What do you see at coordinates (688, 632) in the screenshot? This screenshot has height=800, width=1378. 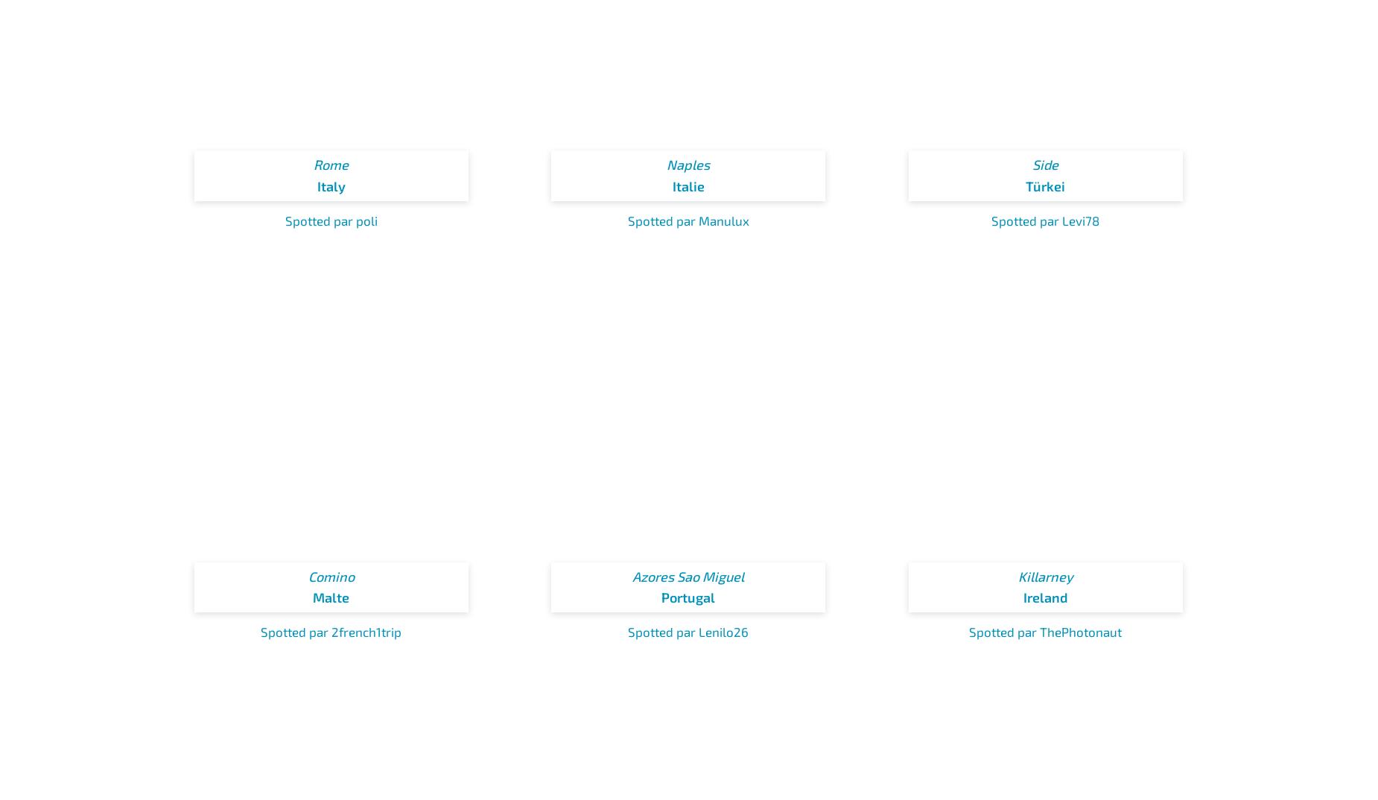 I see `'Spotted par Lenilo26'` at bounding box center [688, 632].